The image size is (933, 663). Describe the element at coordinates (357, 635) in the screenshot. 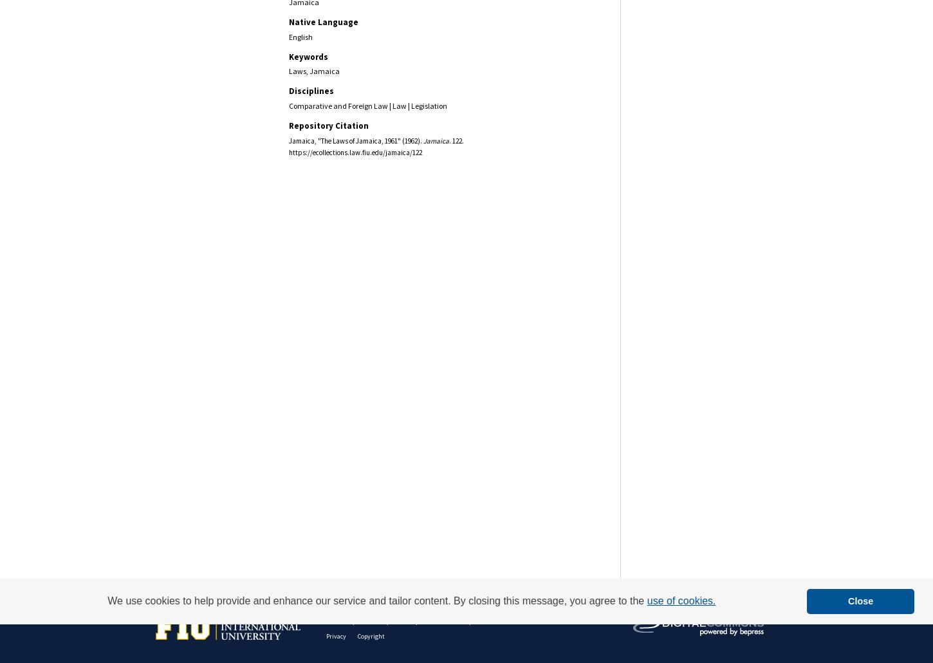

I see `'Copyright'` at that location.